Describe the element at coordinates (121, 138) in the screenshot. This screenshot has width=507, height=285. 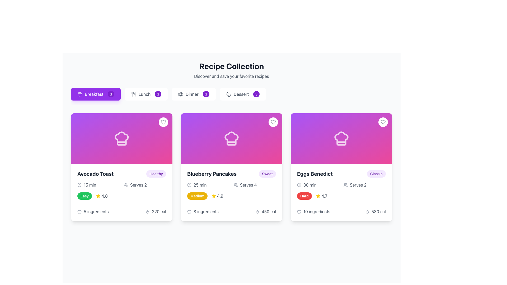
I see `the decorative graphic element representing the 'Avocado Toast' recipe card, which is located in the upper half of the card under the heading 'Recipe Collection'` at that location.